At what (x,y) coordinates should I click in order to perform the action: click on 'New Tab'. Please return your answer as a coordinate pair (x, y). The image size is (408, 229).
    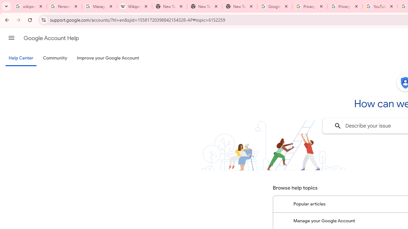
    Looking at the image, I should click on (239, 6).